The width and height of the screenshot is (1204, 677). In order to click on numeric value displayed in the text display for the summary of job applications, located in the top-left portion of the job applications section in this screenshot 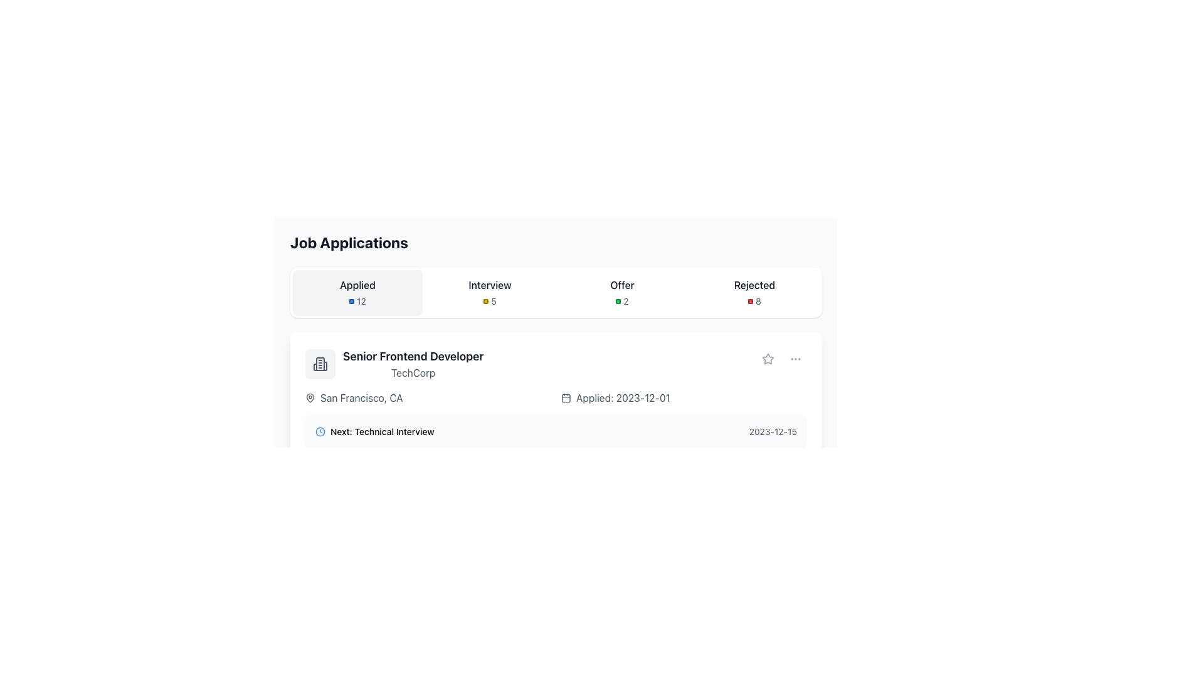, I will do `click(357, 292)`.